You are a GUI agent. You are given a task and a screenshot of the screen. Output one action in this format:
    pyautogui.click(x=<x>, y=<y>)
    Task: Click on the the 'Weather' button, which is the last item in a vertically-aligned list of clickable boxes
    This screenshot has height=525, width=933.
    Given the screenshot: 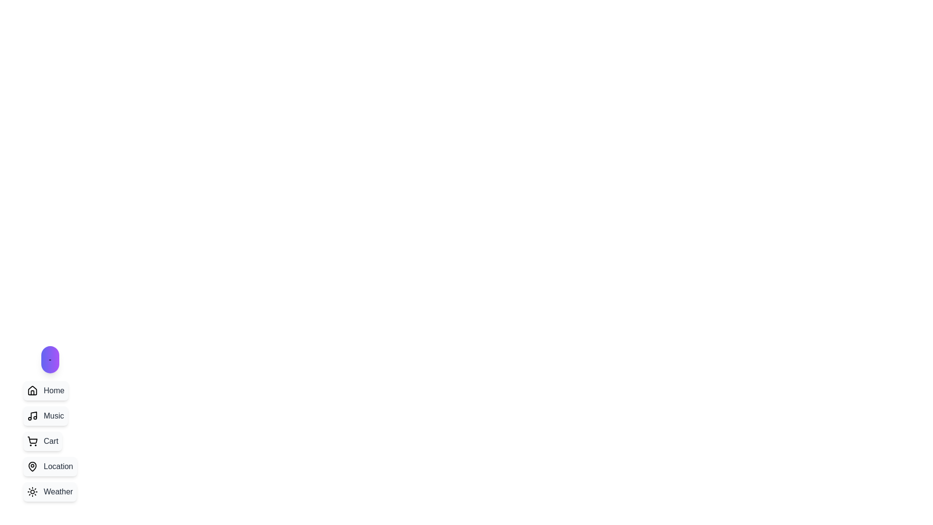 What is the action you would take?
    pyautogui.click(x=50, y=491)
    